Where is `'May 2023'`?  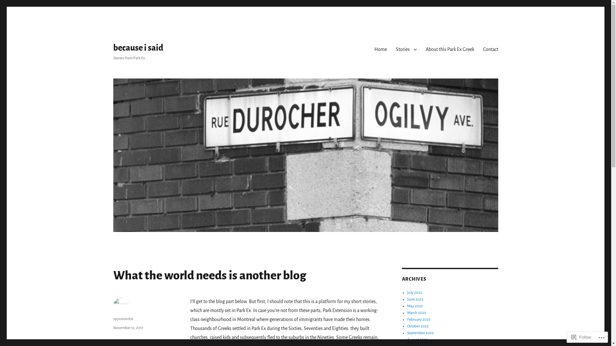 'May 2023' is located at coordinates (415, 306).